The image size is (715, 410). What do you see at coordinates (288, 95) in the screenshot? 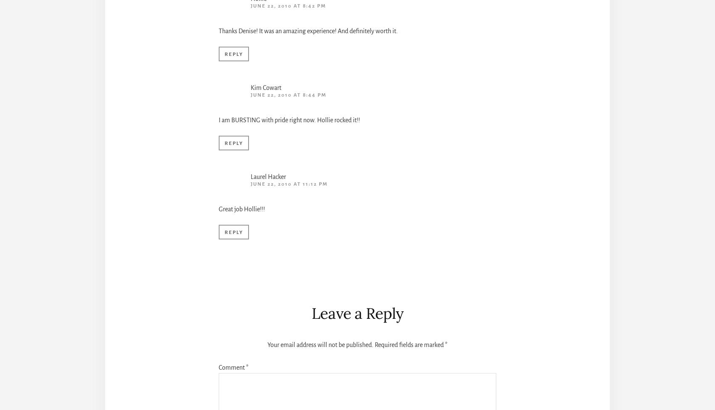
I see `'June 22, 2010 at 8:44 pm'` at bounding box center [288, 95].